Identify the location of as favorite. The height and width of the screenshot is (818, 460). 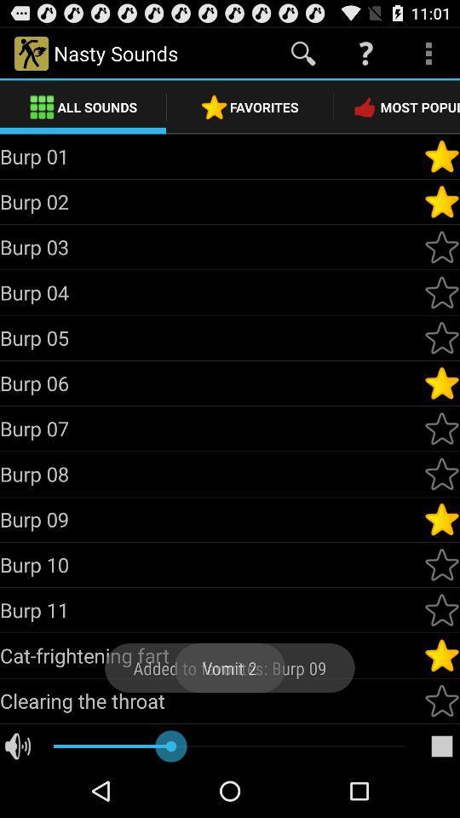
(441, 292).